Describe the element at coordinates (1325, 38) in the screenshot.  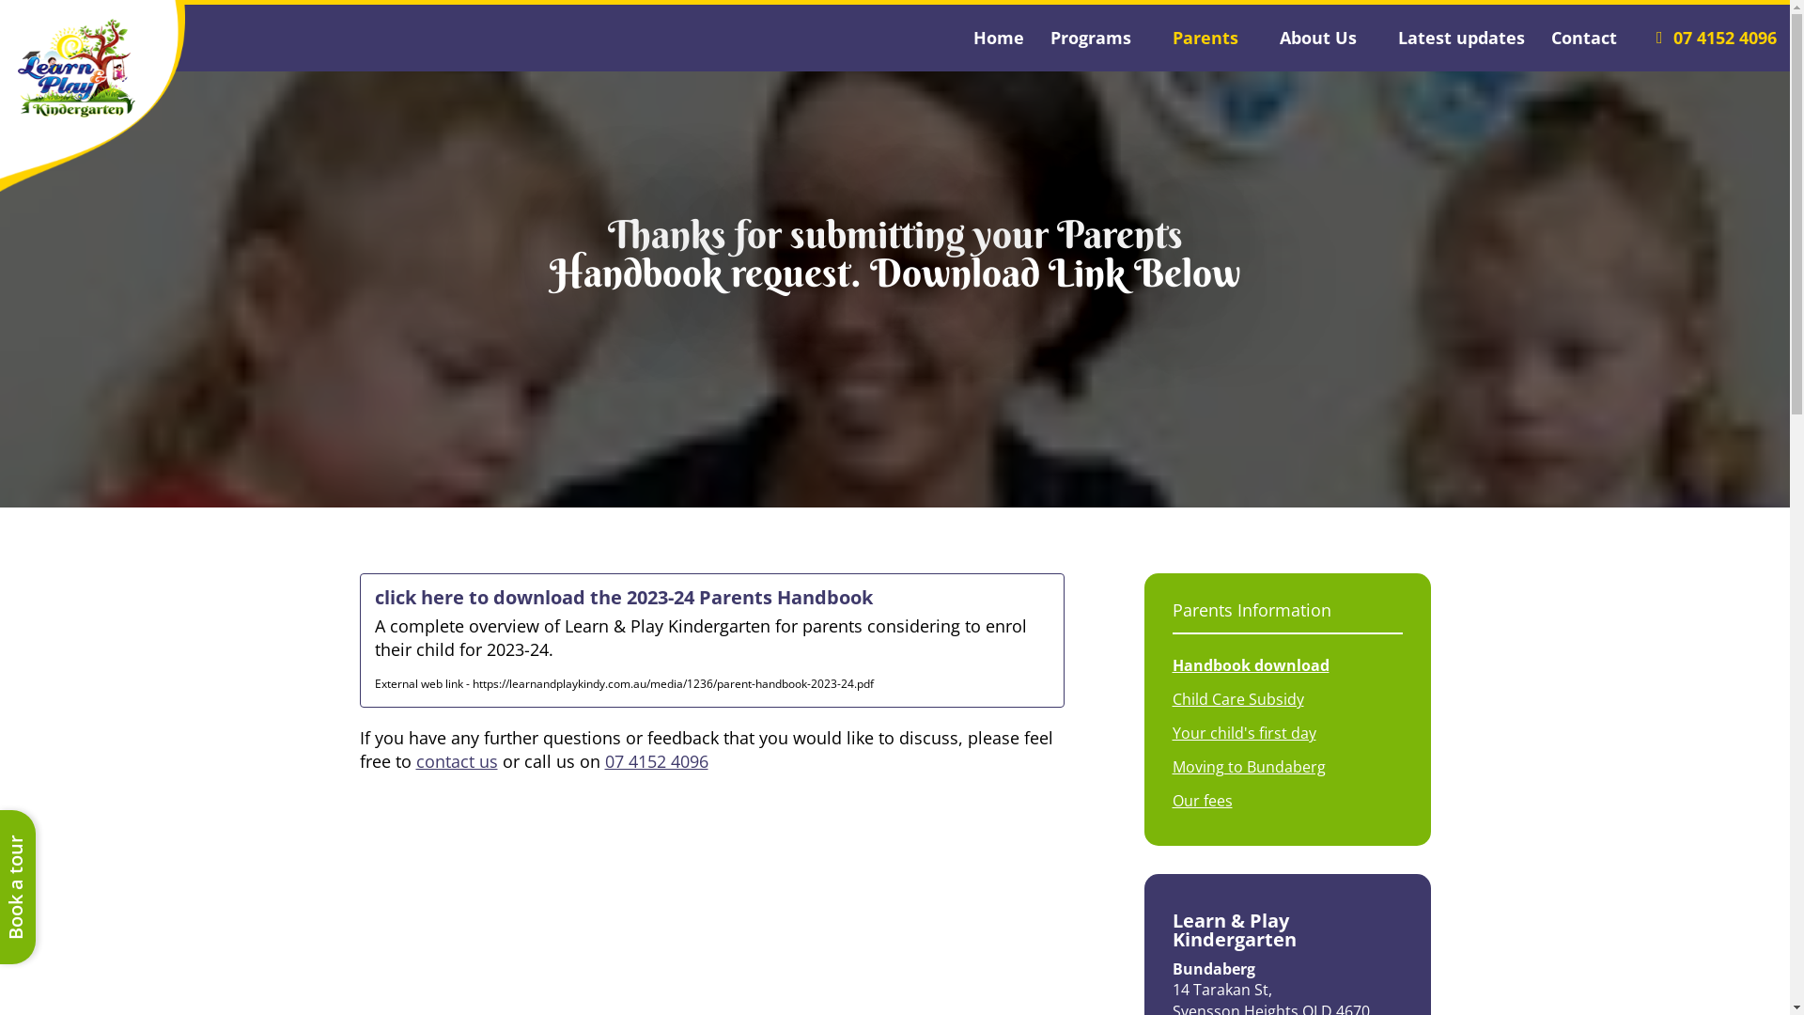
I see `'About Us'` at that location.